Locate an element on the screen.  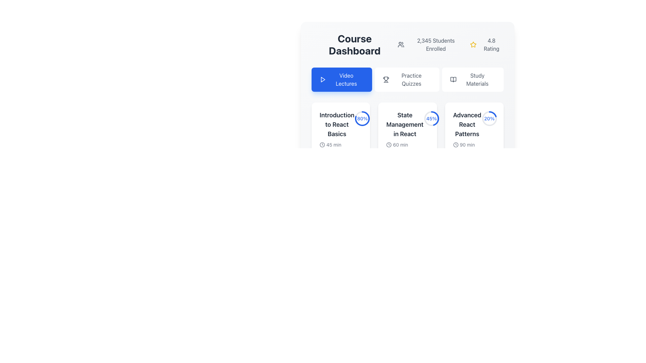
the Informational Card titled 'State Management in React', which is the second course card in the 'Video Lectures' section is located at coordinates (407, 134).